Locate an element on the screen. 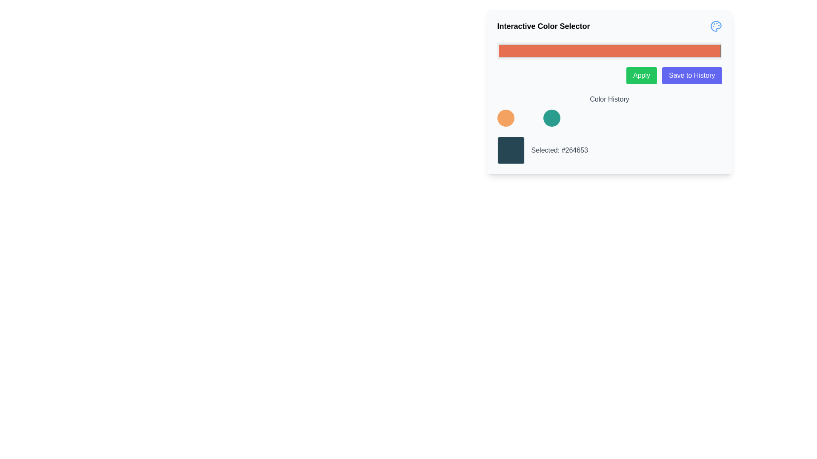 The image size is (817, 459). the teal circular element in the second column of the Color History section is located at coordinates (551, 118).